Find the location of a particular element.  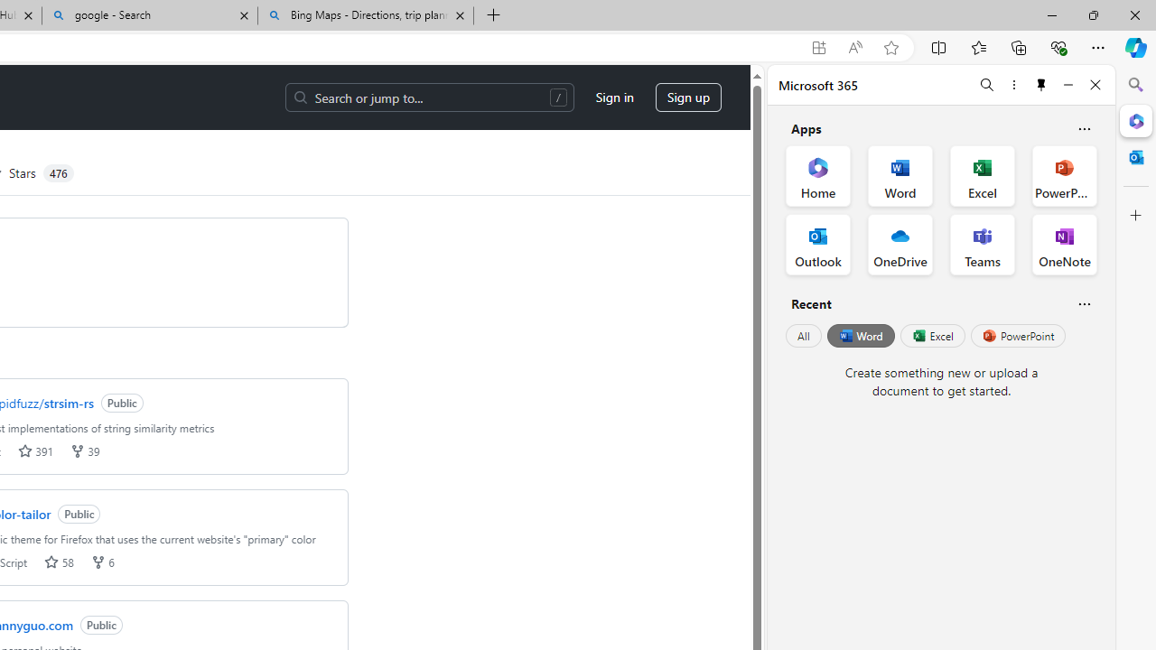

'stars' is located at coordinates (51, 561).